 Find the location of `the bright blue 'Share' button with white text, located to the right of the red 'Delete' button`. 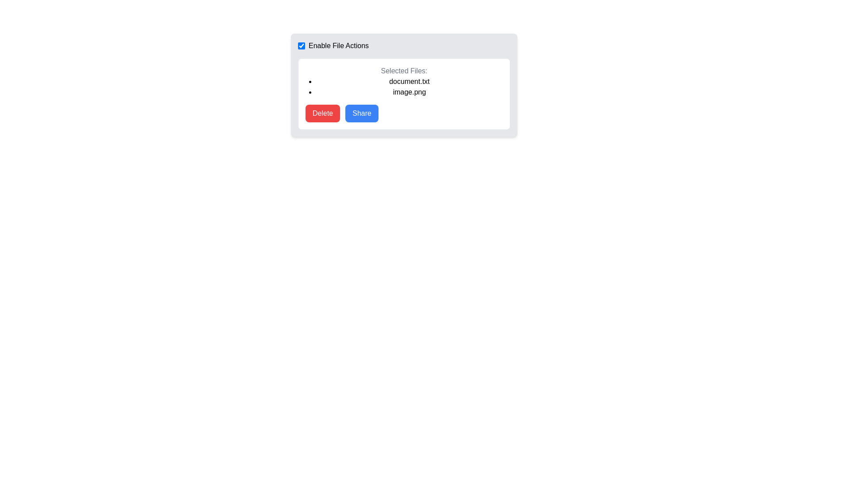

the bright blue 'Share' button with white text, located to the right of the red 'Delete' button is located at coordinates (362, 113).